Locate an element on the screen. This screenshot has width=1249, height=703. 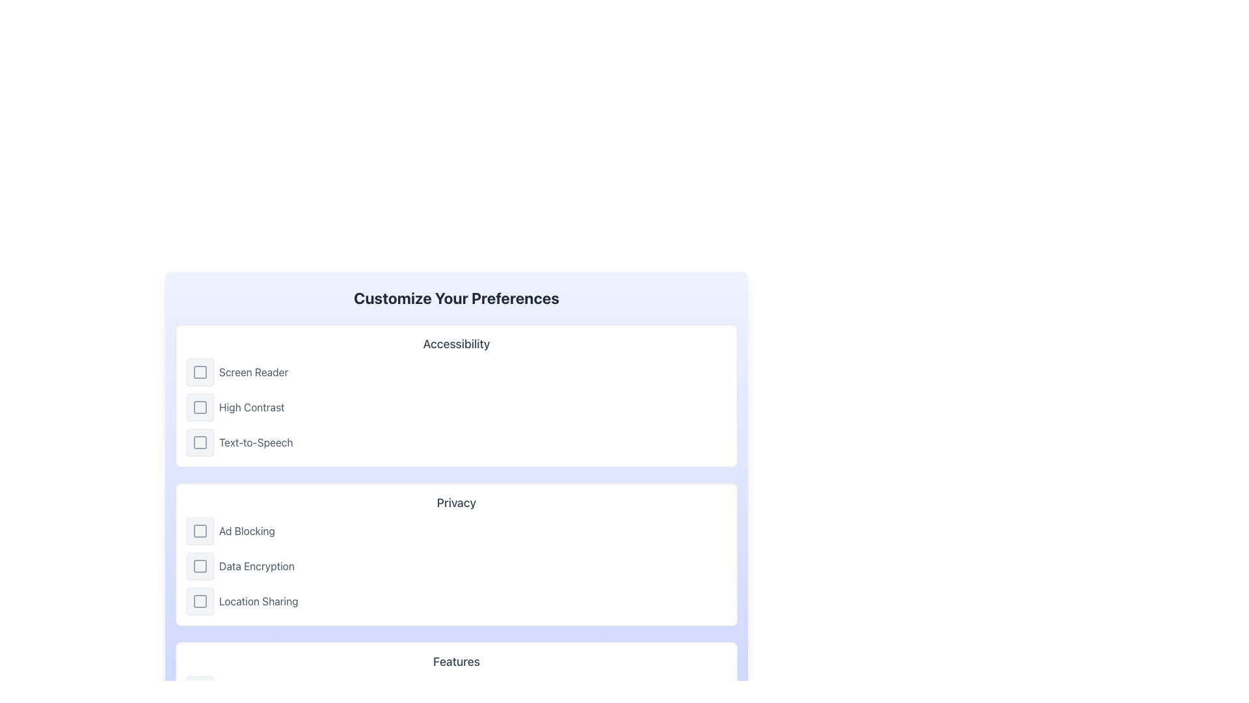
the second checkbox option in the 'Privacy' section, which is located on the left side of the 'Data Encryption' label is located at coordinates (199, 566).